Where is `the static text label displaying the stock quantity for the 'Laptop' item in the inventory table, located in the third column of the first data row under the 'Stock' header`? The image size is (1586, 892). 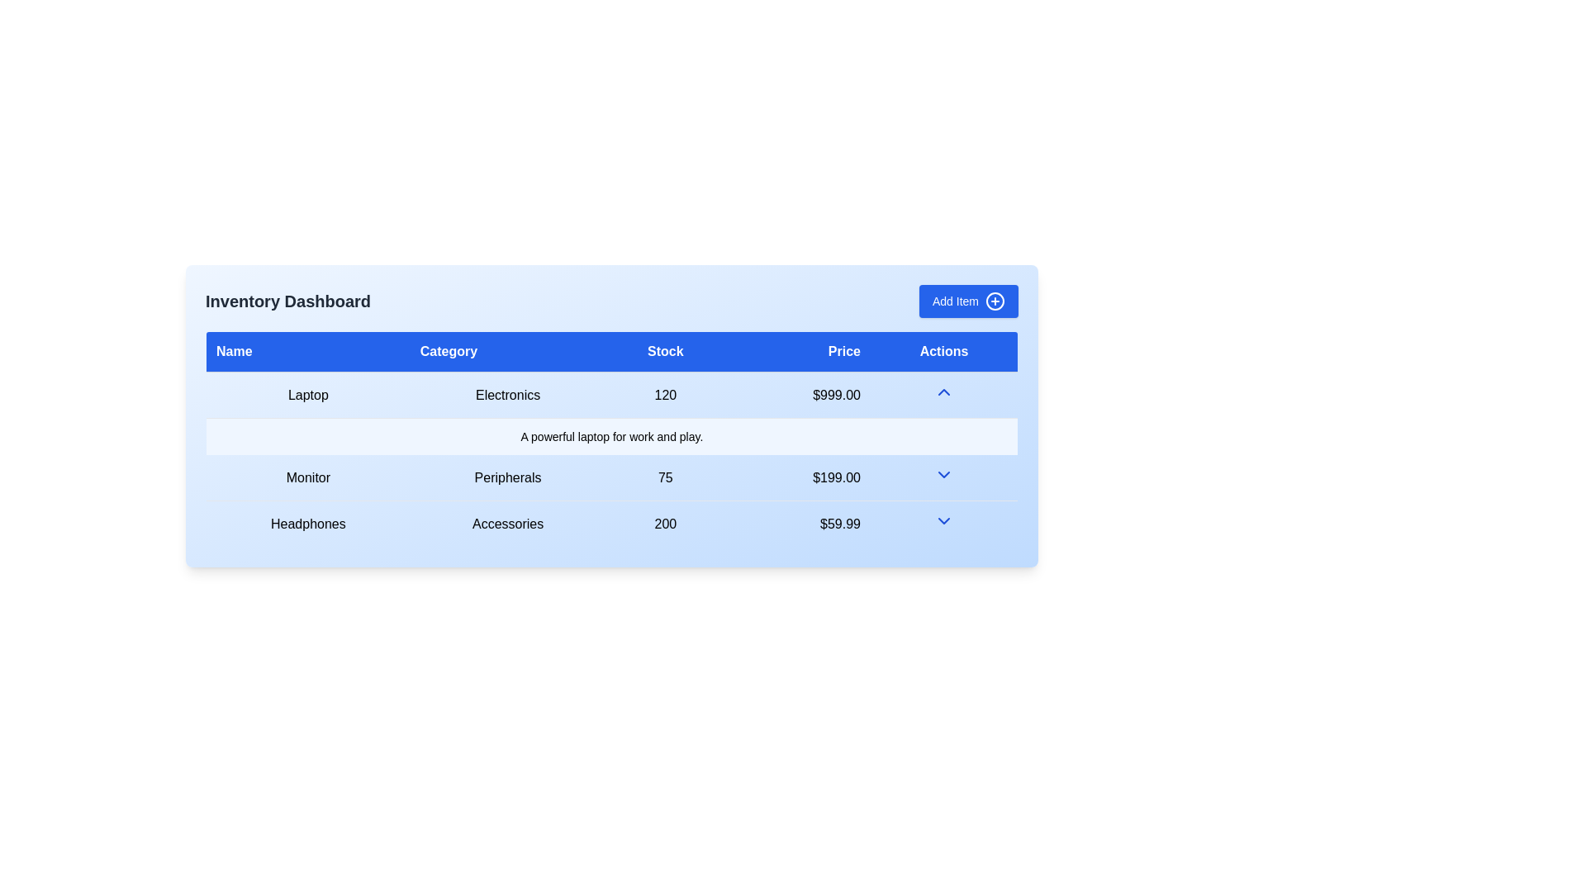 the static text label displaying the stock quantity for the 'Laptop' item in the inventory table, located in the third column of the first data row under the 'Stock' header is located at coordinates (665, 395).